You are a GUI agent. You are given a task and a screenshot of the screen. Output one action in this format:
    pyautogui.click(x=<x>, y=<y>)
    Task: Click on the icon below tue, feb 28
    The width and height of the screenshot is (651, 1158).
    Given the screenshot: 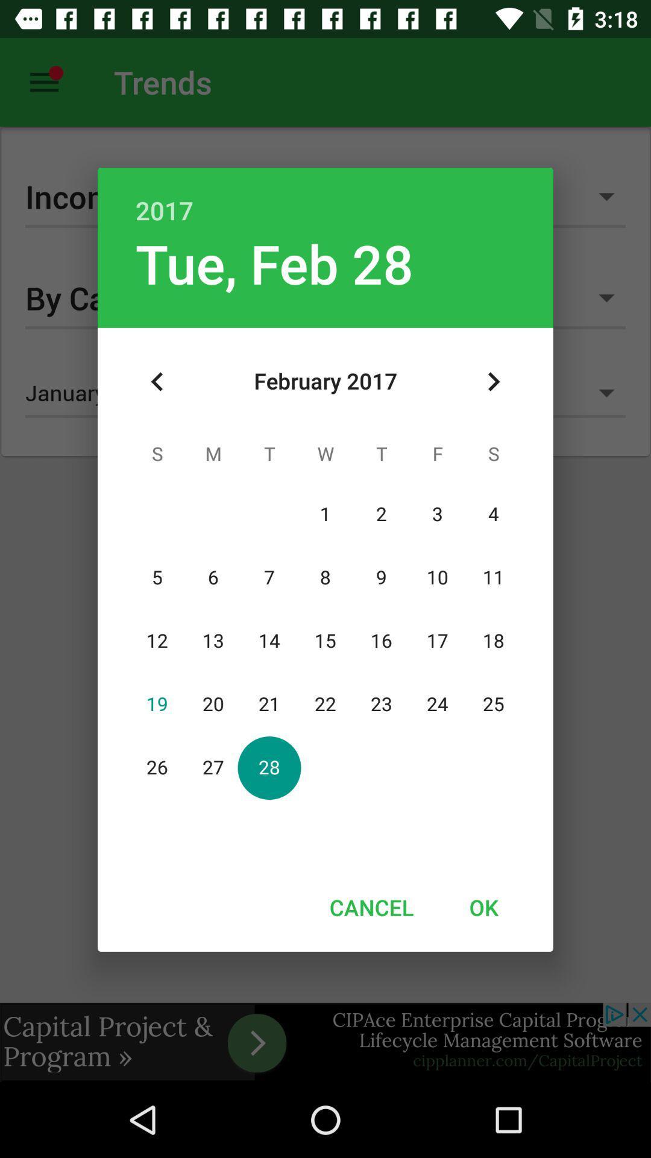 What is the action you would take?
    pyautogui.click(x=157, y=381)
    